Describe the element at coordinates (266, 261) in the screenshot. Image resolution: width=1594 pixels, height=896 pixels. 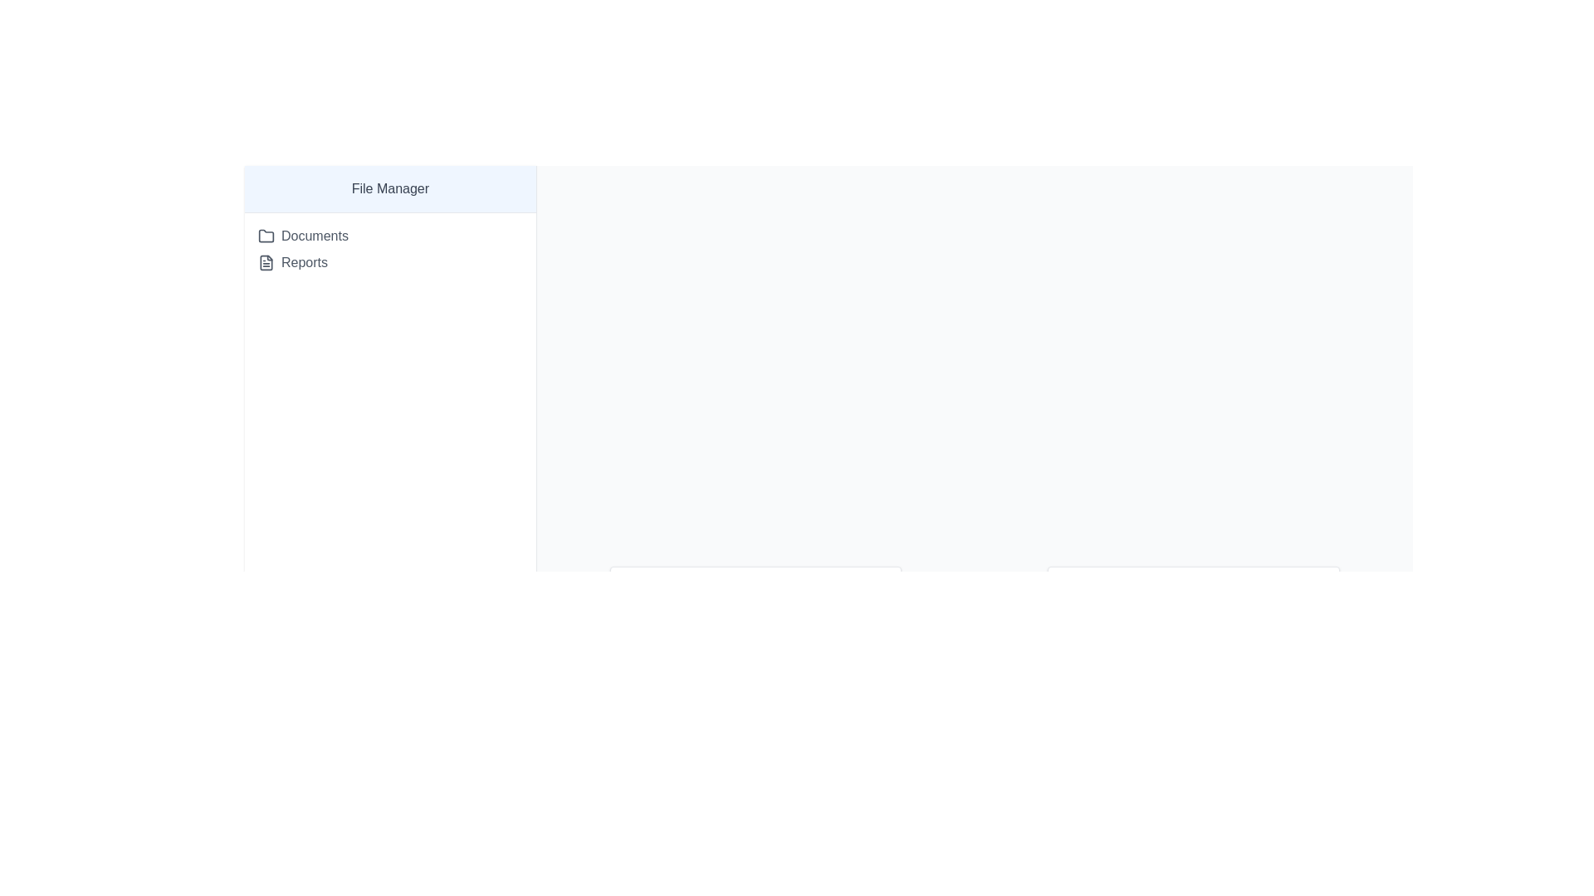
I see `the file icon in the left navigation panel, located directly to the left of the 'Reports' label` at that location.